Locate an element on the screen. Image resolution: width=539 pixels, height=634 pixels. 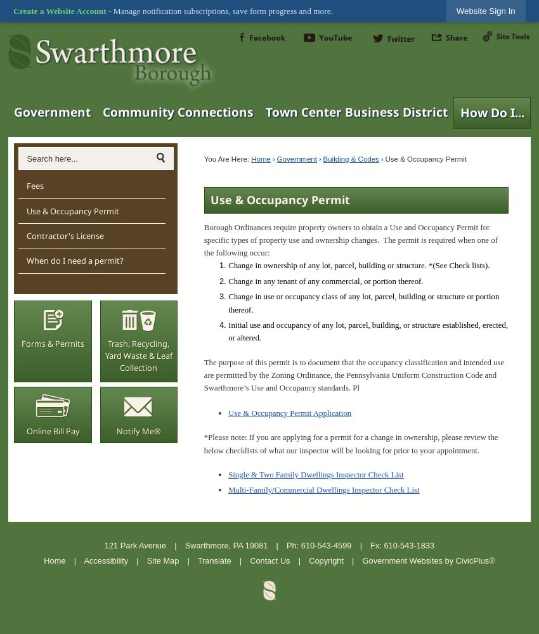
'You Are Here:' is located at coordinates (226, 158).